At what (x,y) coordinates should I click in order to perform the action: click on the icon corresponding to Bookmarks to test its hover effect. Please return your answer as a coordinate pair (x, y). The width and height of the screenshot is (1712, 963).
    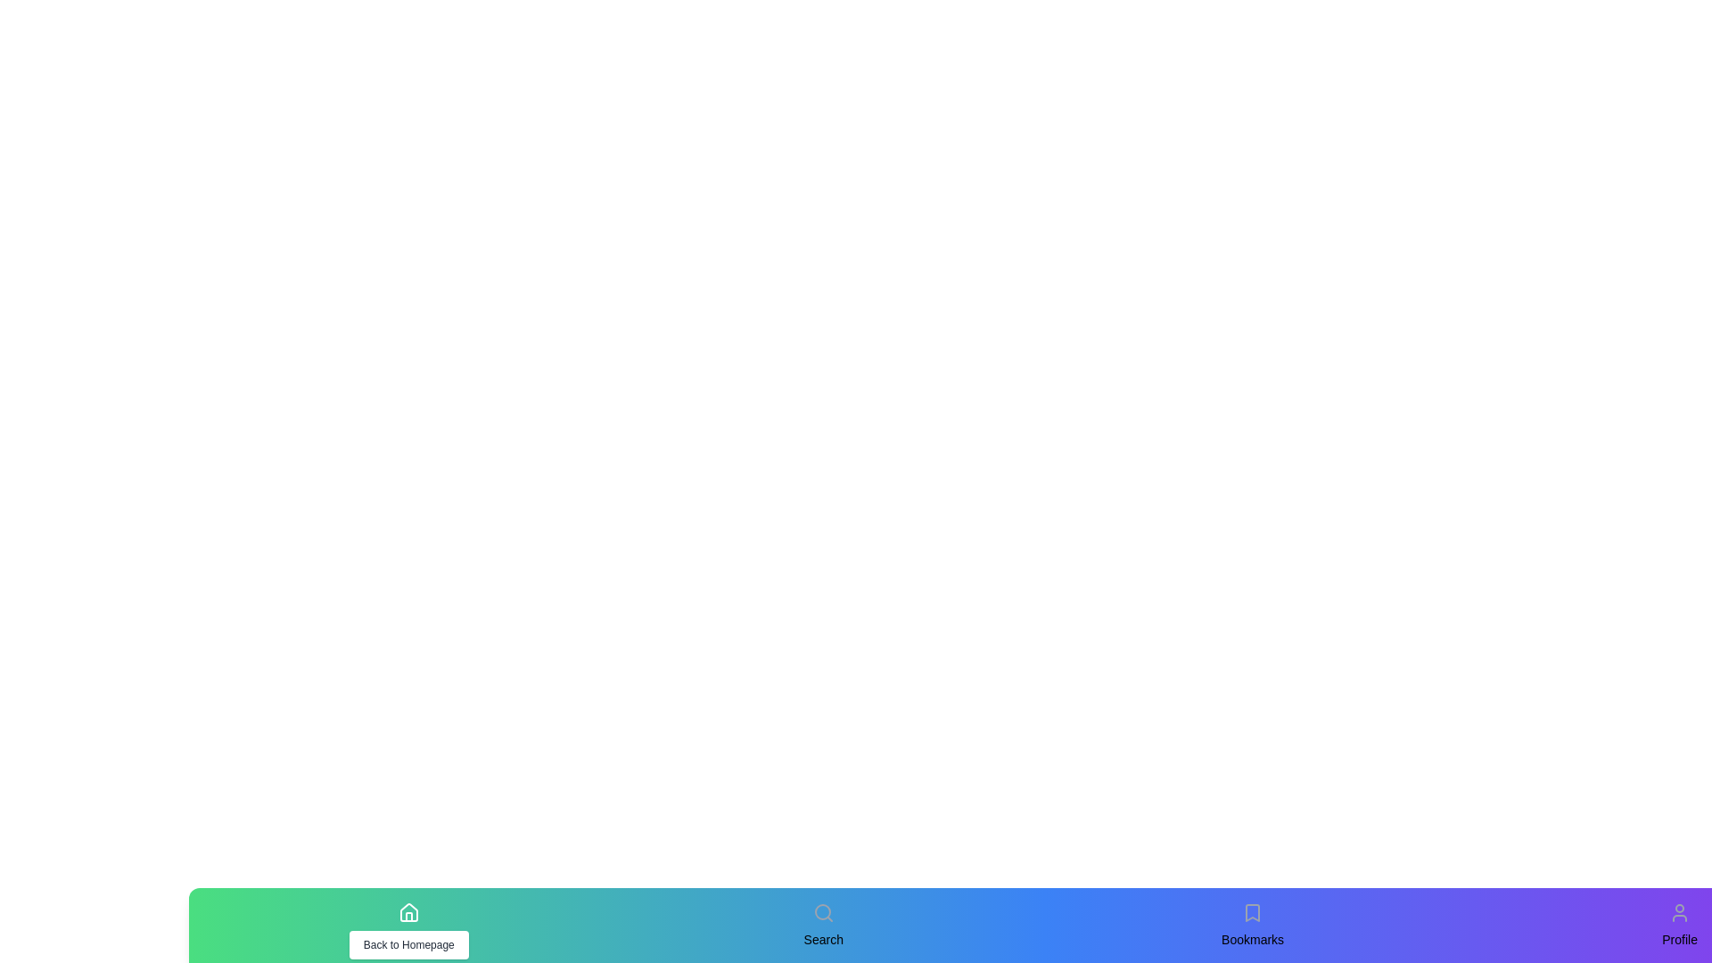
    Looking at the image, I should click on (1252, 912).